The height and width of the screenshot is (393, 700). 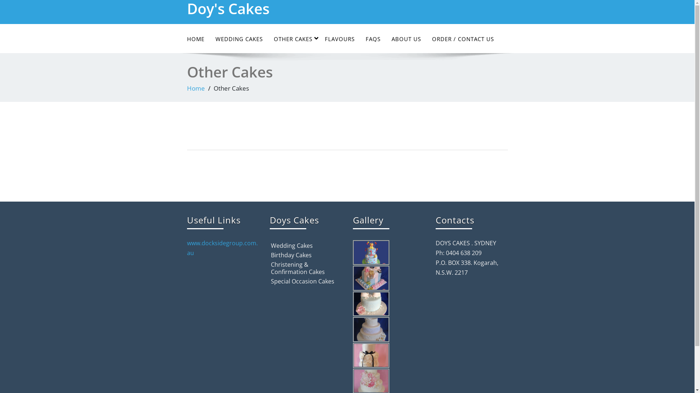 What do you see at coordinates (271, 281) in the screenshot?
I see `'Special Occasion Cakes'` at bounding box center [271, 281].